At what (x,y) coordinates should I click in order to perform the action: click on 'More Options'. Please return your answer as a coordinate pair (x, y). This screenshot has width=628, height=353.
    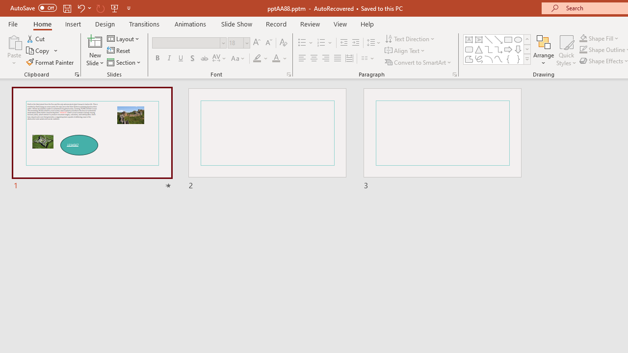
    Looking at the image, I should click on (604, 38).